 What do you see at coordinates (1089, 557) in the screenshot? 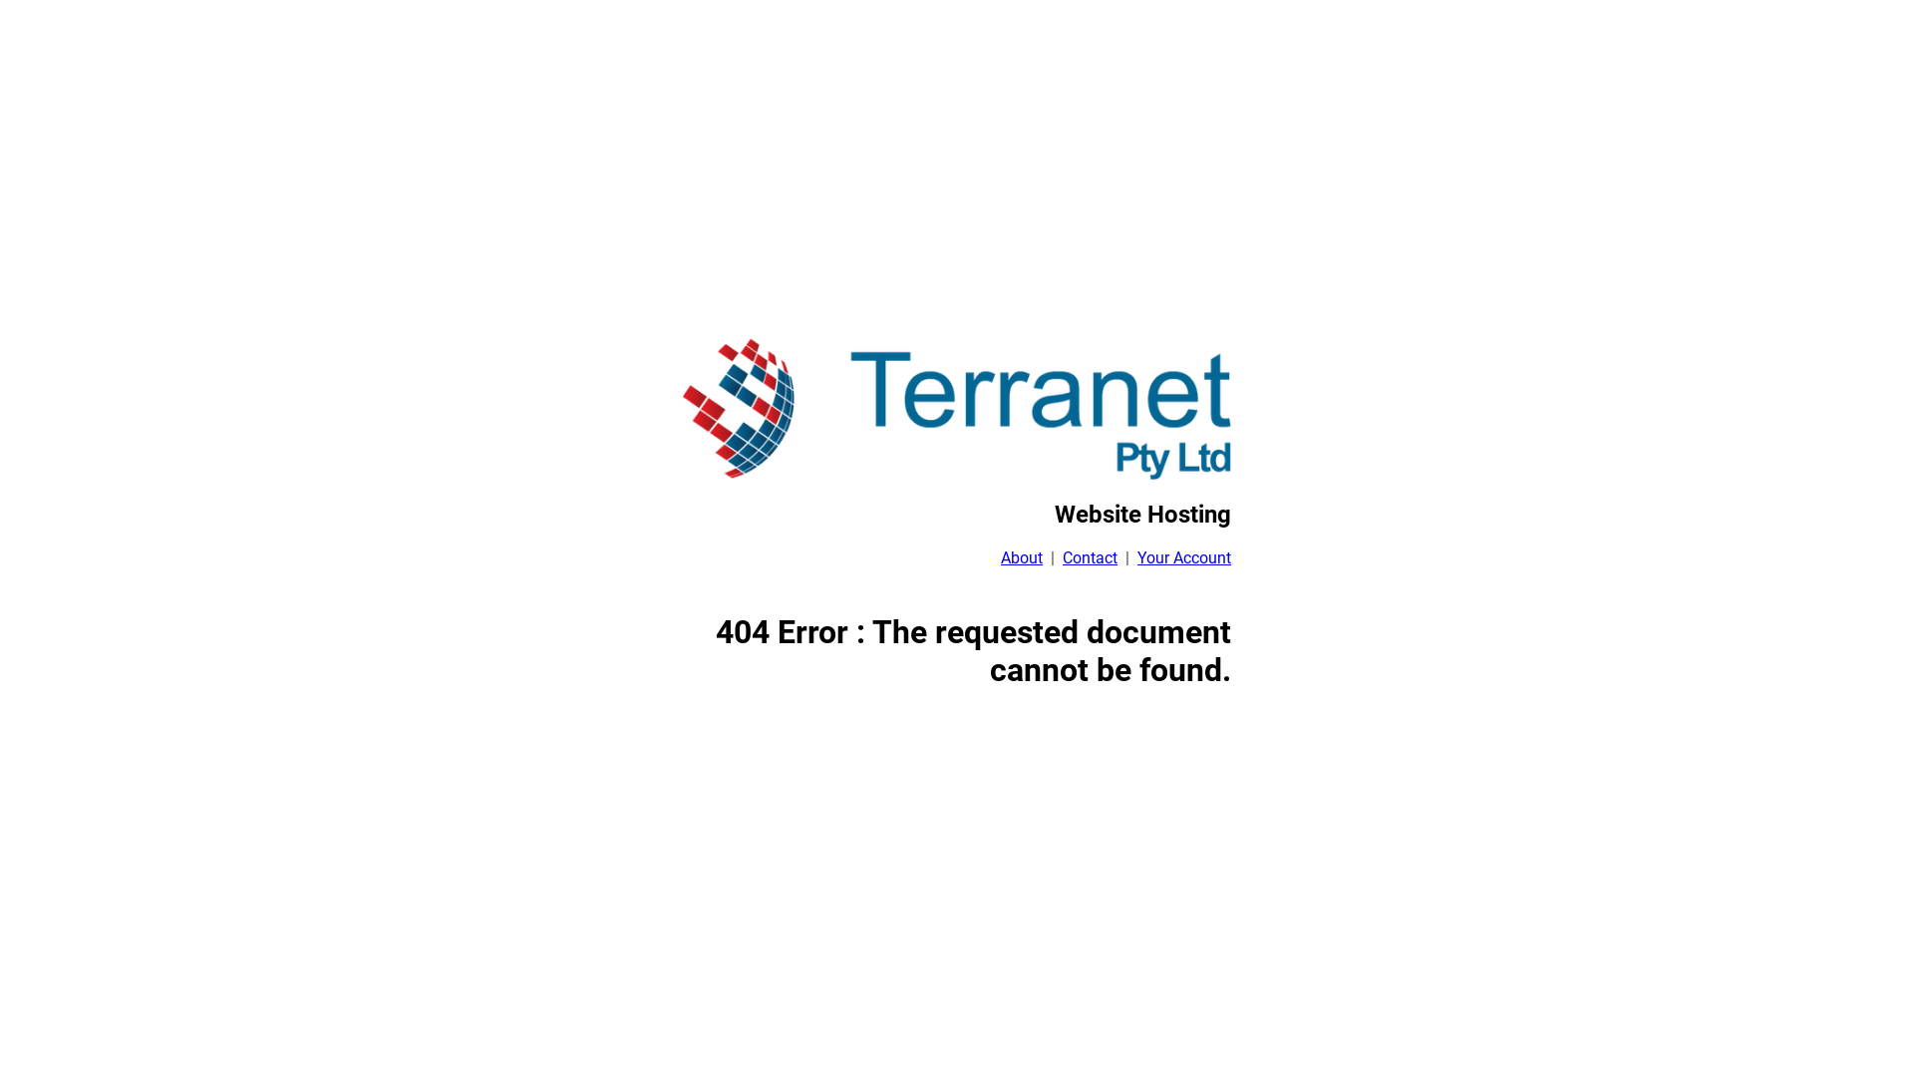
I see `'Contact'` at bounding box center [1089, 557].